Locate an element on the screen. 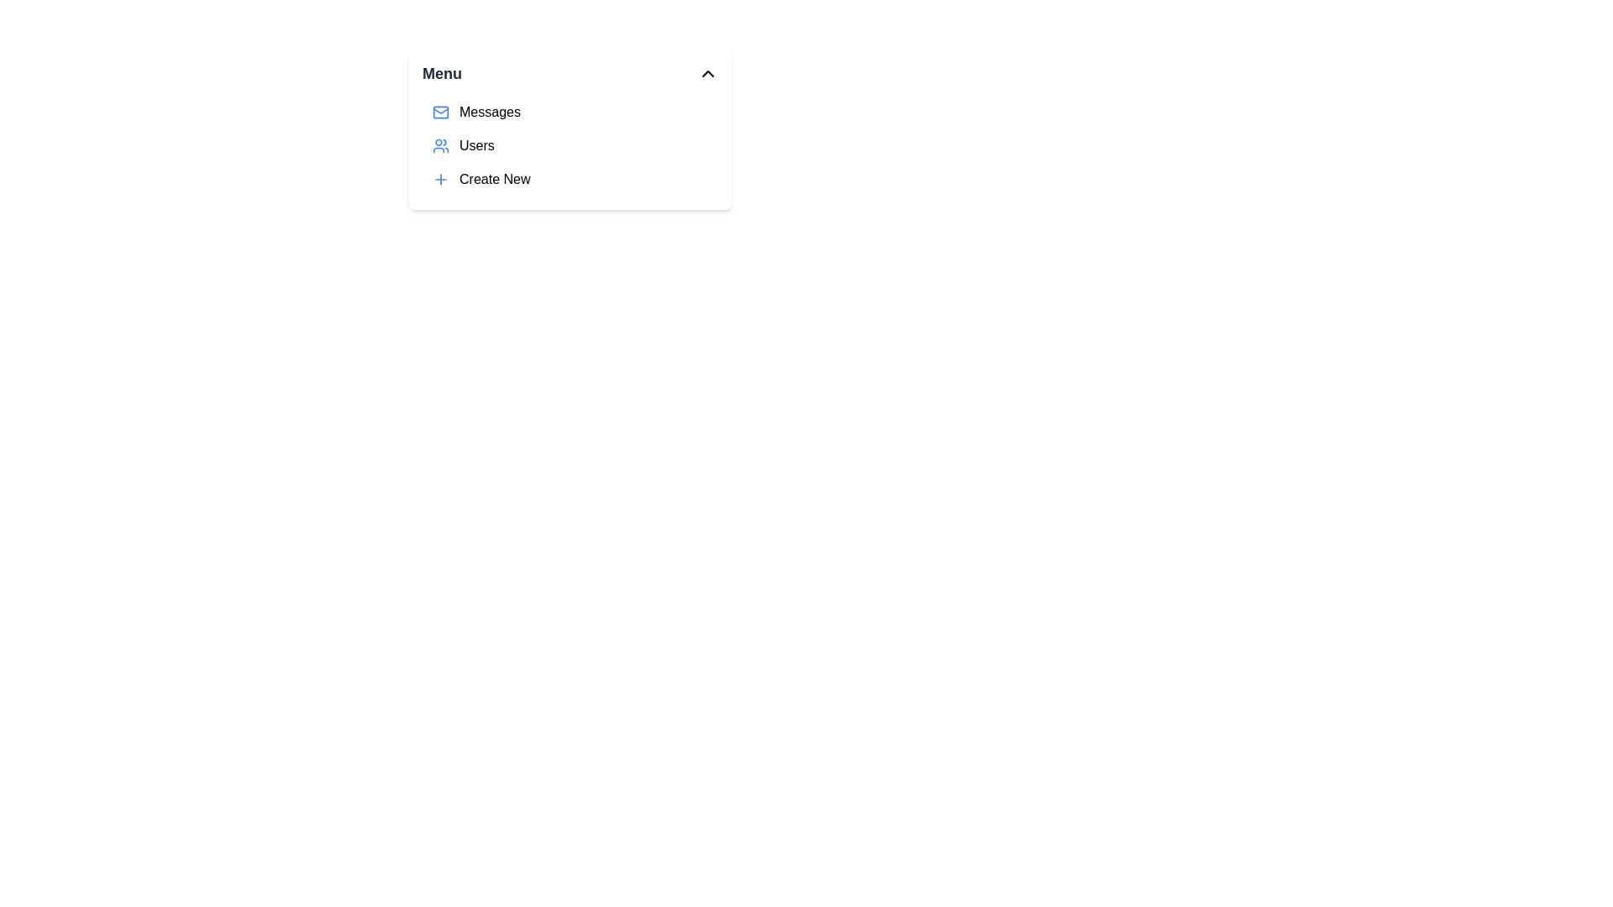 This screenshot has width=1613, height=907. the 'Menu' text label, which is styled with a bold font and dark gray color, located to the left of a downward chevron icon in the interface is located at coordinates (442, 73).